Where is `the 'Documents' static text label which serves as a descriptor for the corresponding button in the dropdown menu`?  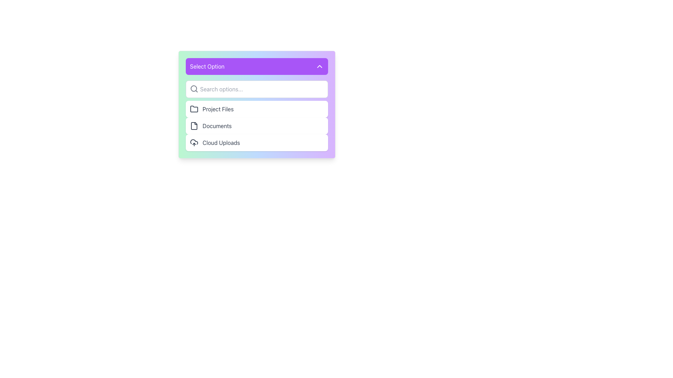
the 'Documents' static text label which serves as a descriptor for the corresponding button in the dropdown menu is located at coordinates (217, 125).